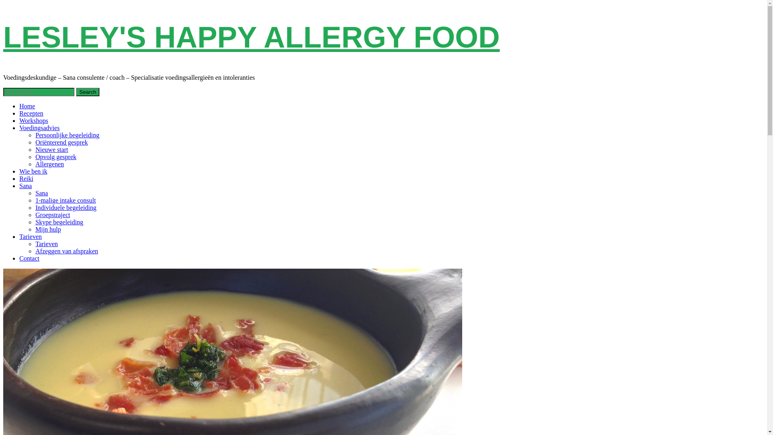 The image size is (773, 435). What do you see at coordinates (49, 164) in the screenshot?
I see `'Allergenen'` at bounding box center [49, 164].